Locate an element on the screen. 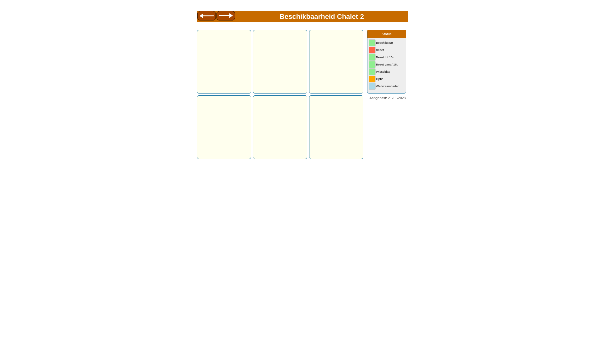  'Vorige maanden' is located at coordinates (206, 16).